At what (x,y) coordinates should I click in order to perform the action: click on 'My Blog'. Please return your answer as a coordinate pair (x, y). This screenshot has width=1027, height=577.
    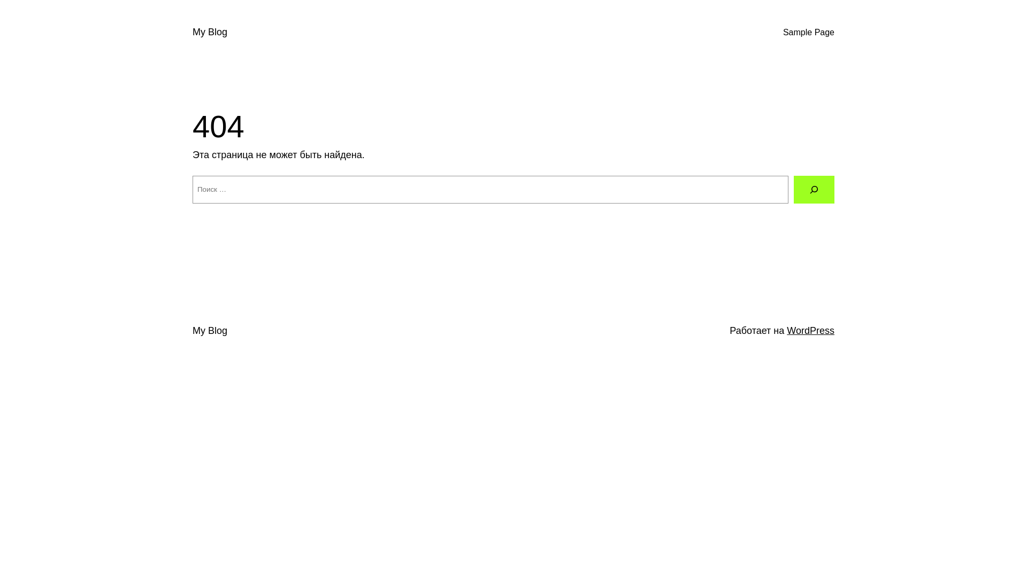
    Looking at the image, I should click on (193, 330).